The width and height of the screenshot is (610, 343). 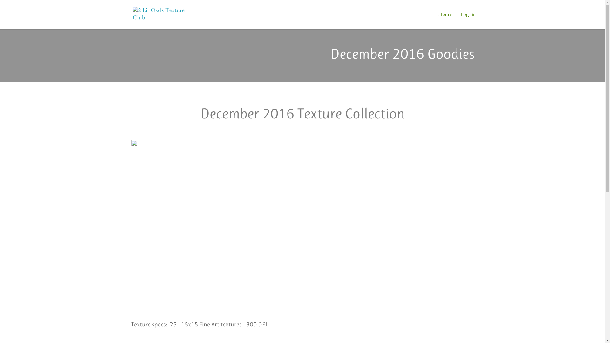 What do you see at coordinates (460, 20) in the screenshot?
I see `'Log In'` at bounding box center [460, 20].